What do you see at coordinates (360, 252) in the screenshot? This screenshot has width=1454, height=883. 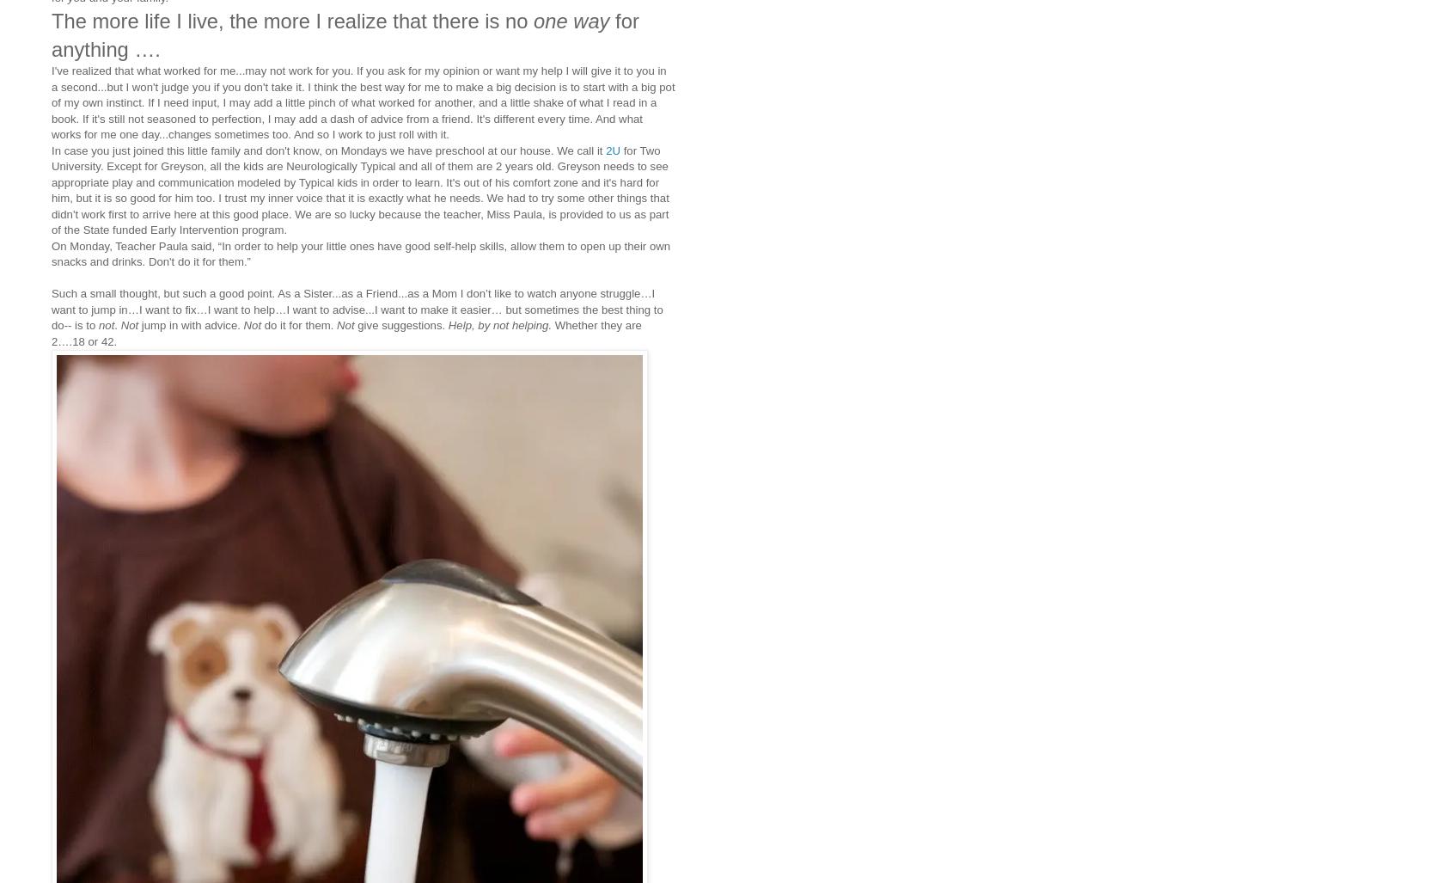 I see `'On Monday, Teacher Paula said, “In order to help your little ones have good self-help skills, allow them to open up their own snacks and drinks. Don't do it for them.”'` at bounding box center [360, 252].